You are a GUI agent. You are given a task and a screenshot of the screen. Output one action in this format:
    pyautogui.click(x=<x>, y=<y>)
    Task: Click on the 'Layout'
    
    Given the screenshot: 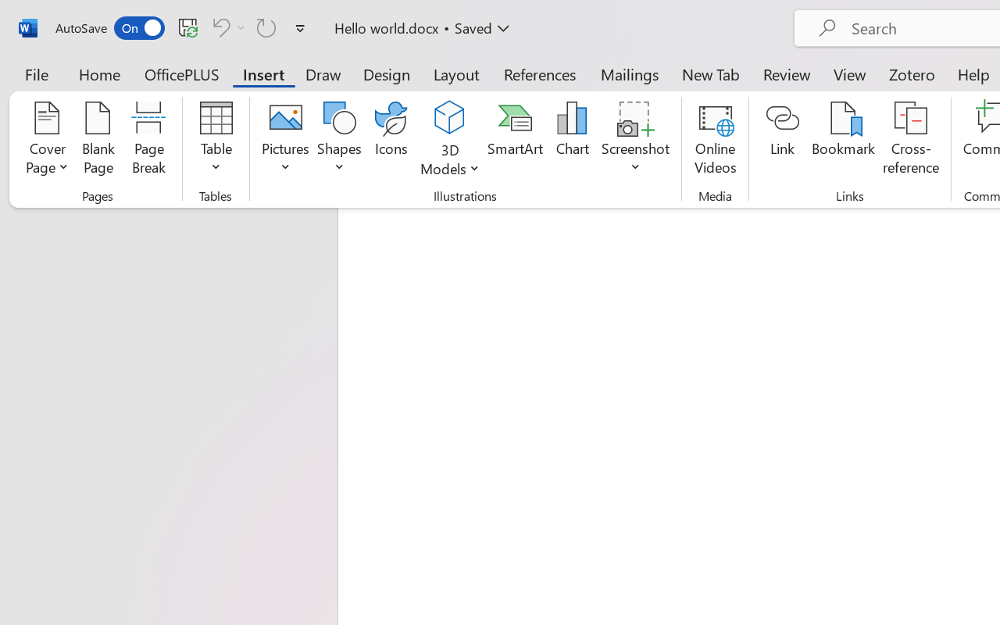 What is the action you would take?
    pyautogui.click(x=455, y=73)
    